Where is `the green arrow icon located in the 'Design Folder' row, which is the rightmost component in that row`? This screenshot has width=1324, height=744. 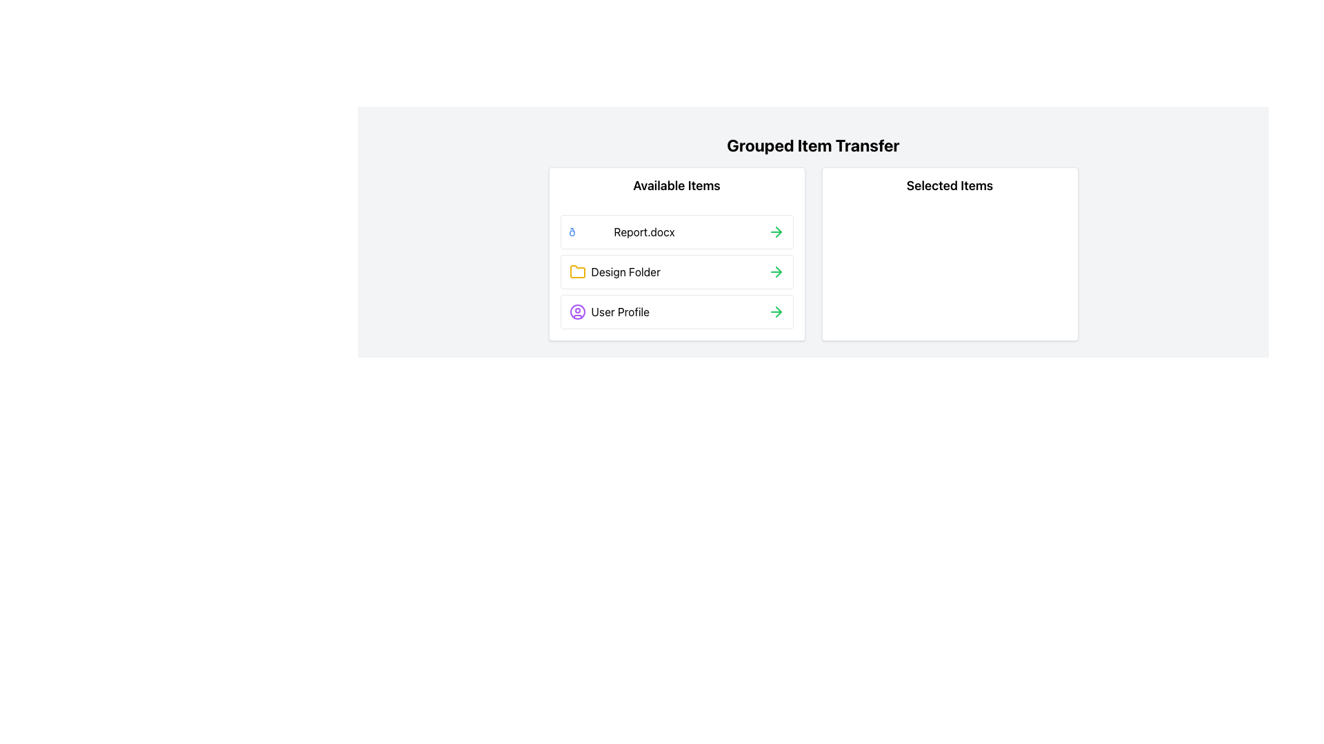
the green arrow icon located in the 'Design Folder' row, which is the rightmost component in that row is located at coordinates (776, 271).